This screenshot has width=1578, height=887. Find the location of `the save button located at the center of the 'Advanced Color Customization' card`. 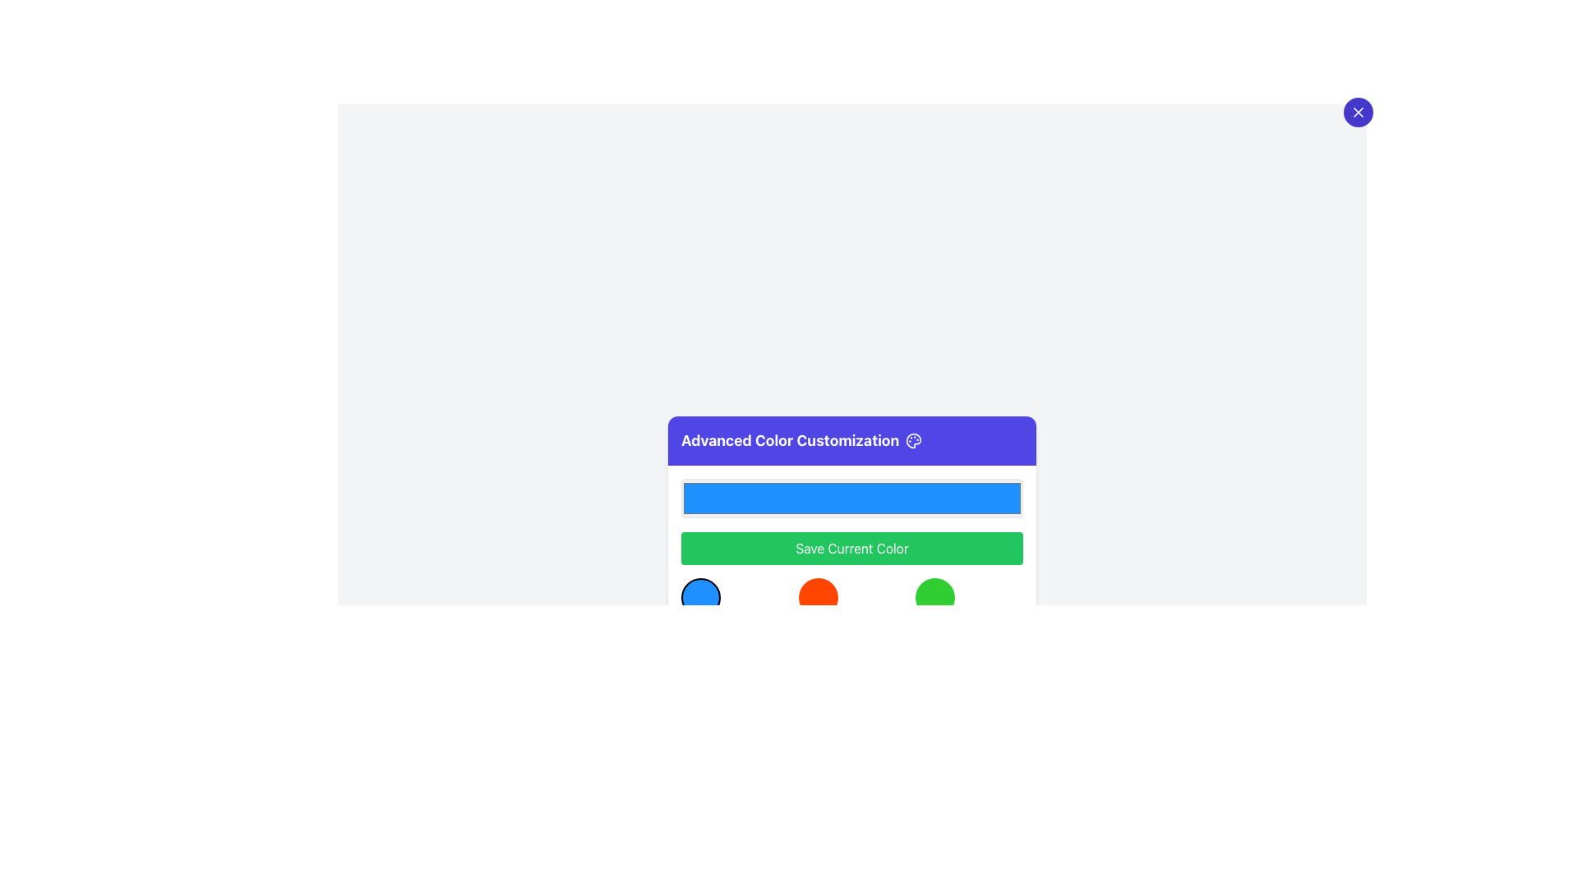

the save button located at the center of the 'Advanced Color Customization' card is located at coordinates (851, 548).